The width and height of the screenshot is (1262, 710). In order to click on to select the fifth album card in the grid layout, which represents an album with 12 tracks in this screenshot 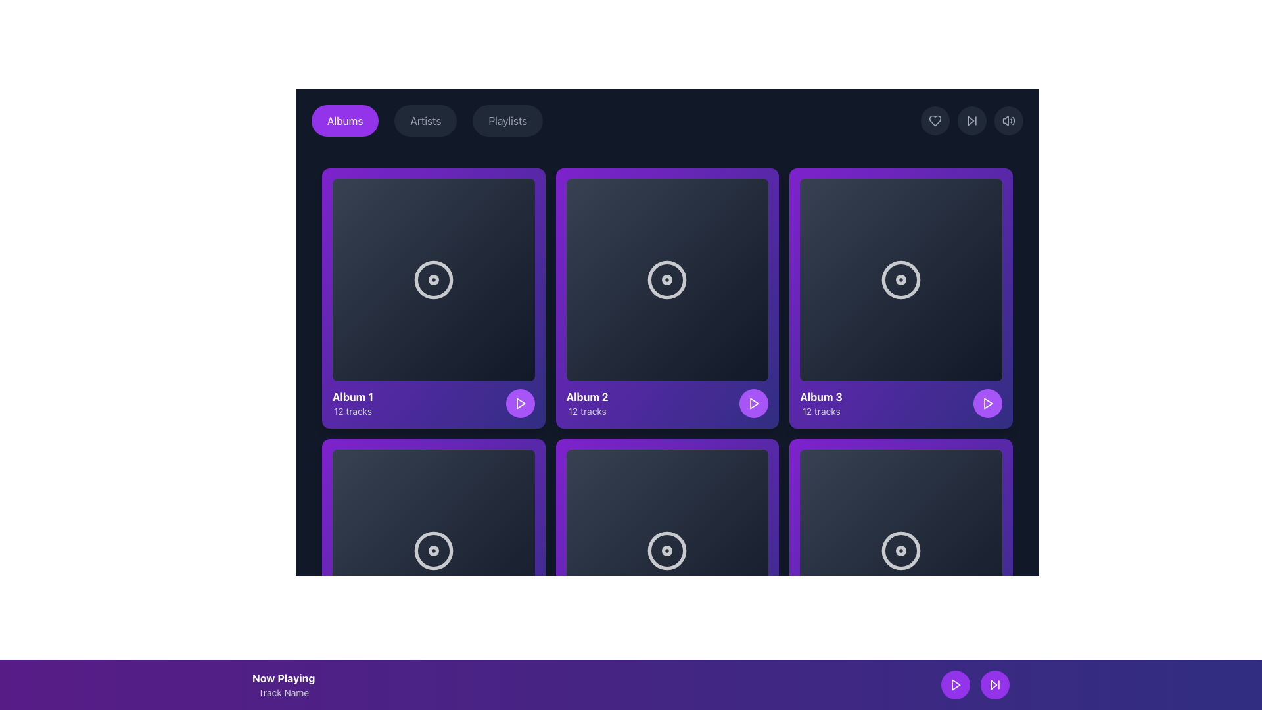, I will do `click(667, 568)`.